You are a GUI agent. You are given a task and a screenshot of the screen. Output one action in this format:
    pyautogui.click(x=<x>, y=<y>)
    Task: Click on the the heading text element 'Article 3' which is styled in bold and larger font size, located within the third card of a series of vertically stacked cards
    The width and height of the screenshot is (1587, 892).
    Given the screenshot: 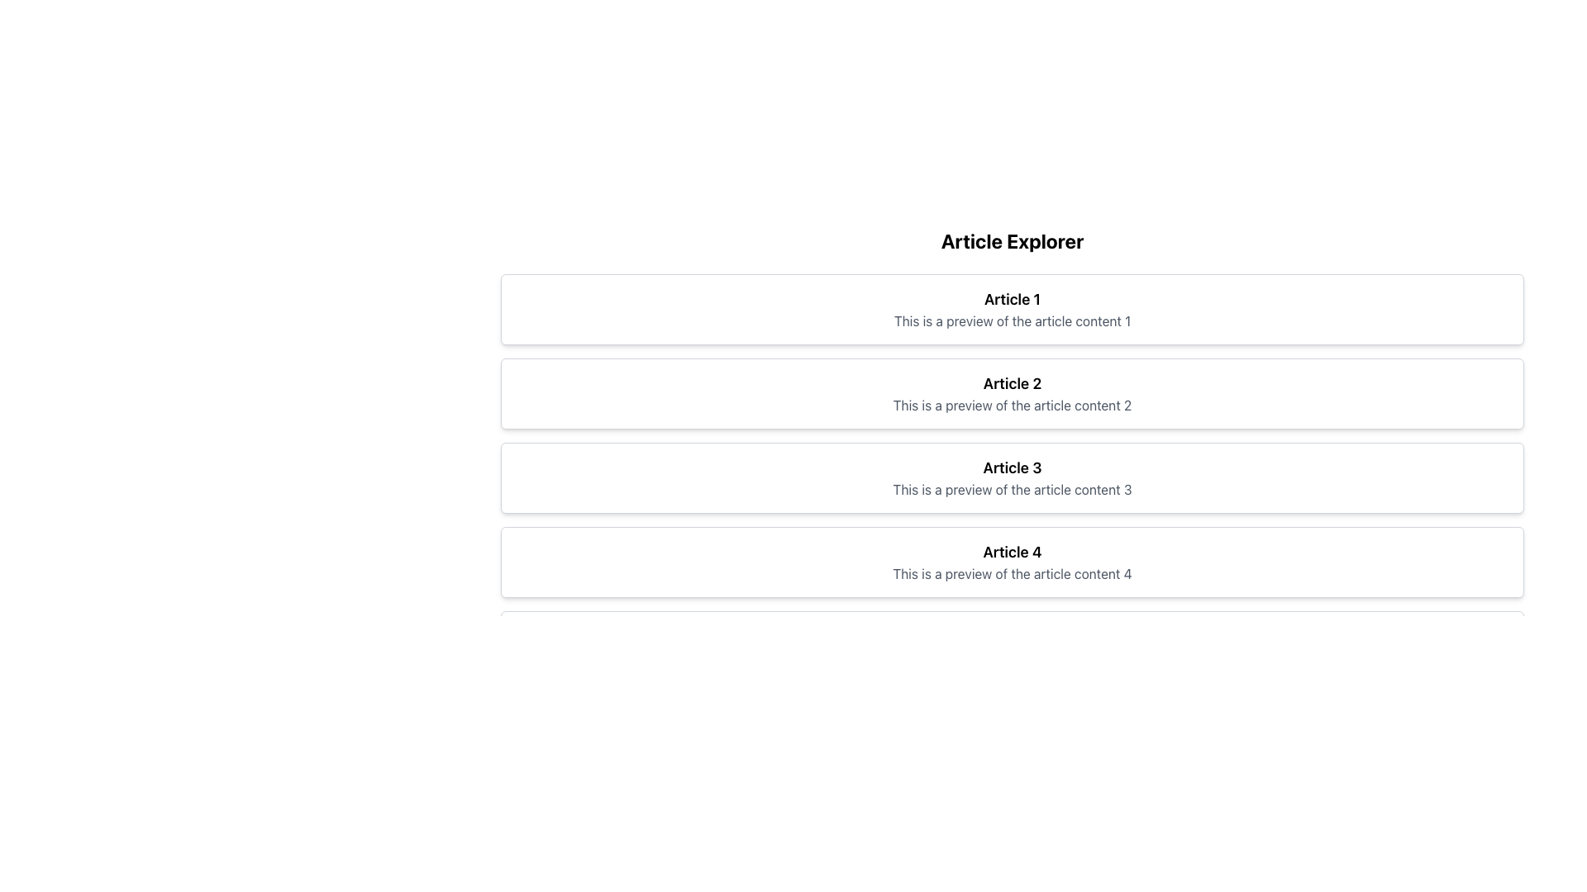 What is the action you would take?
    pyautogui.click(x=1011, y=468)
    